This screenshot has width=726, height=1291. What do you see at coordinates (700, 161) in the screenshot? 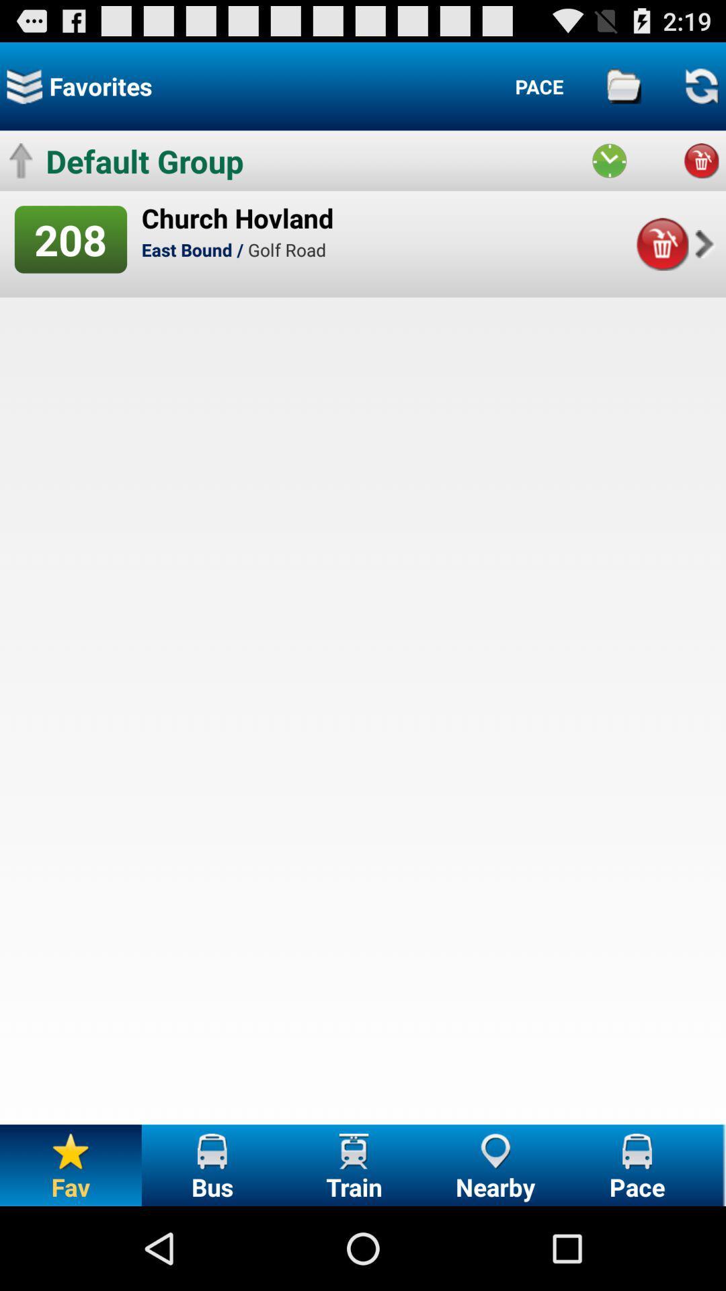
I see `delete` at bounding box center [700, 161].